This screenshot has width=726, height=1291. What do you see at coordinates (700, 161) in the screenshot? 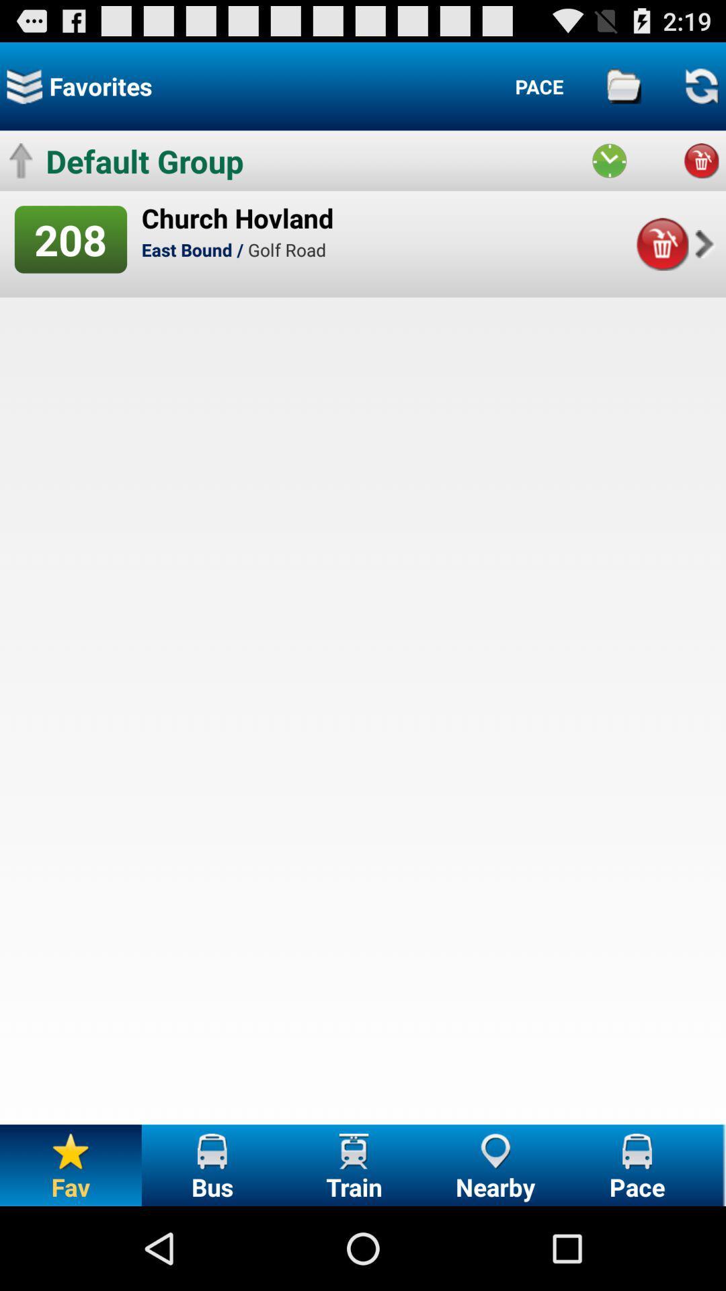
I see `delete` at bounding box center [700, 161].